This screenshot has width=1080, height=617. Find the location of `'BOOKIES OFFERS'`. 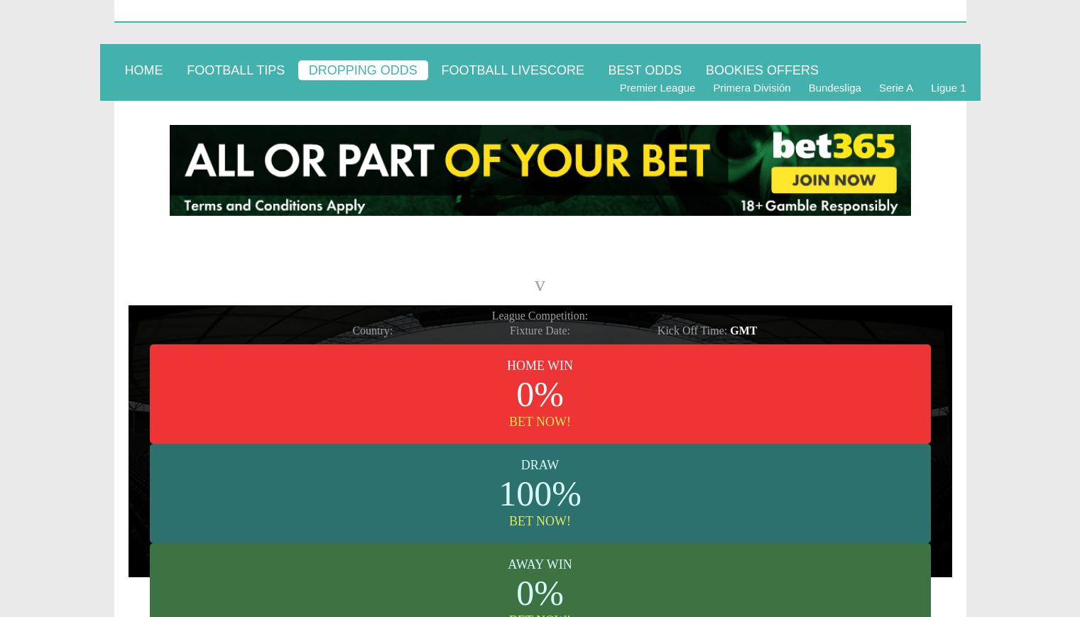

'BOOKIES OFFERS' is located at coordinates (705, 69).